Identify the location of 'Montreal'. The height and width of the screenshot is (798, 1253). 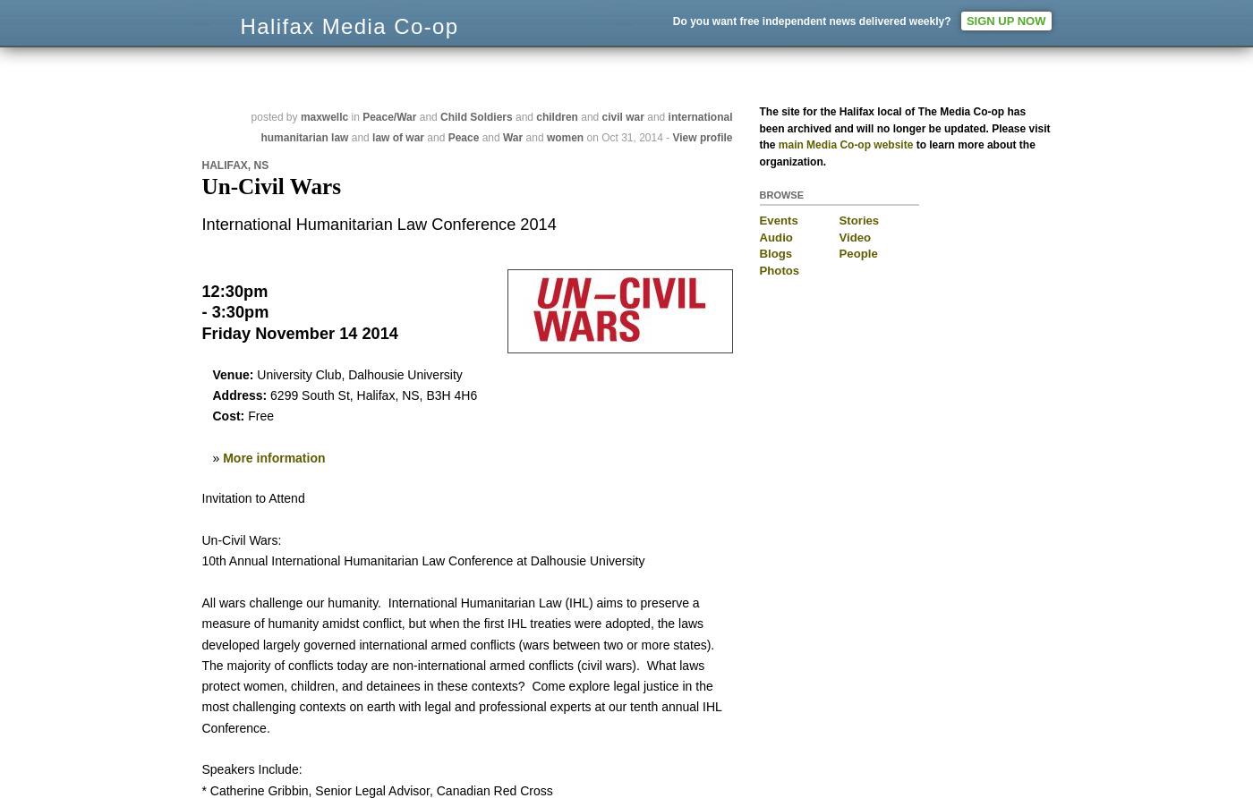
(897, 29).